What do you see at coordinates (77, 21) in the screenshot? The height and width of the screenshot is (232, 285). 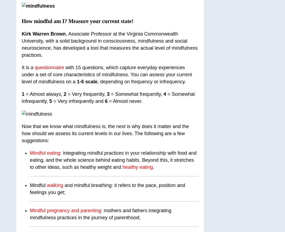 I see `'How mindful am I? Measure your current state!'` at bounding box center [77, 21].